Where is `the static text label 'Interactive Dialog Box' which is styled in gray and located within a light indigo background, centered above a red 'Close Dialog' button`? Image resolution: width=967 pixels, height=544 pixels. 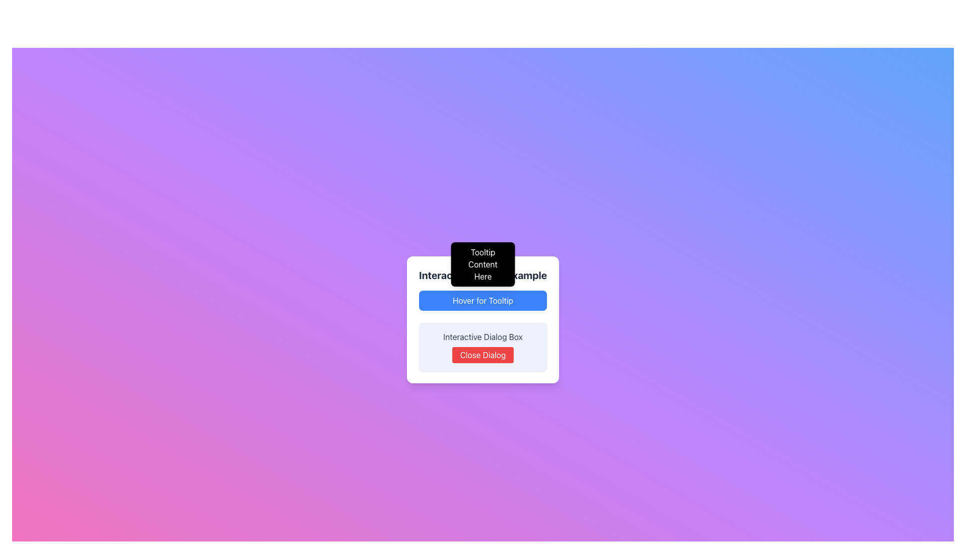
the static text label 'Interactive Dialog Box' which is styled in gray and located within a light indigo background, centered above a red 'Close Dialog' button is located at coordinates (482, 336).